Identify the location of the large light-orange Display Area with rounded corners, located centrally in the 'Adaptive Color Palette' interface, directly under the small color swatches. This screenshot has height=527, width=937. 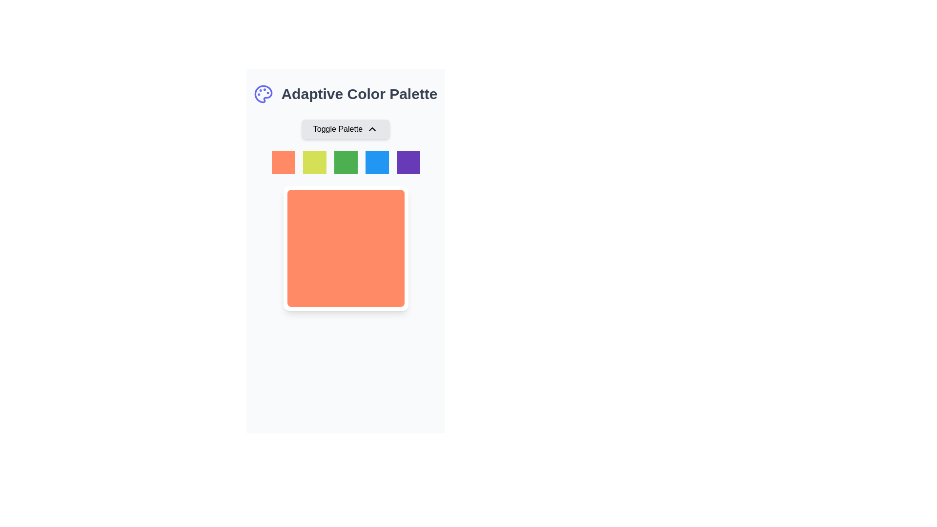
(346, 214).